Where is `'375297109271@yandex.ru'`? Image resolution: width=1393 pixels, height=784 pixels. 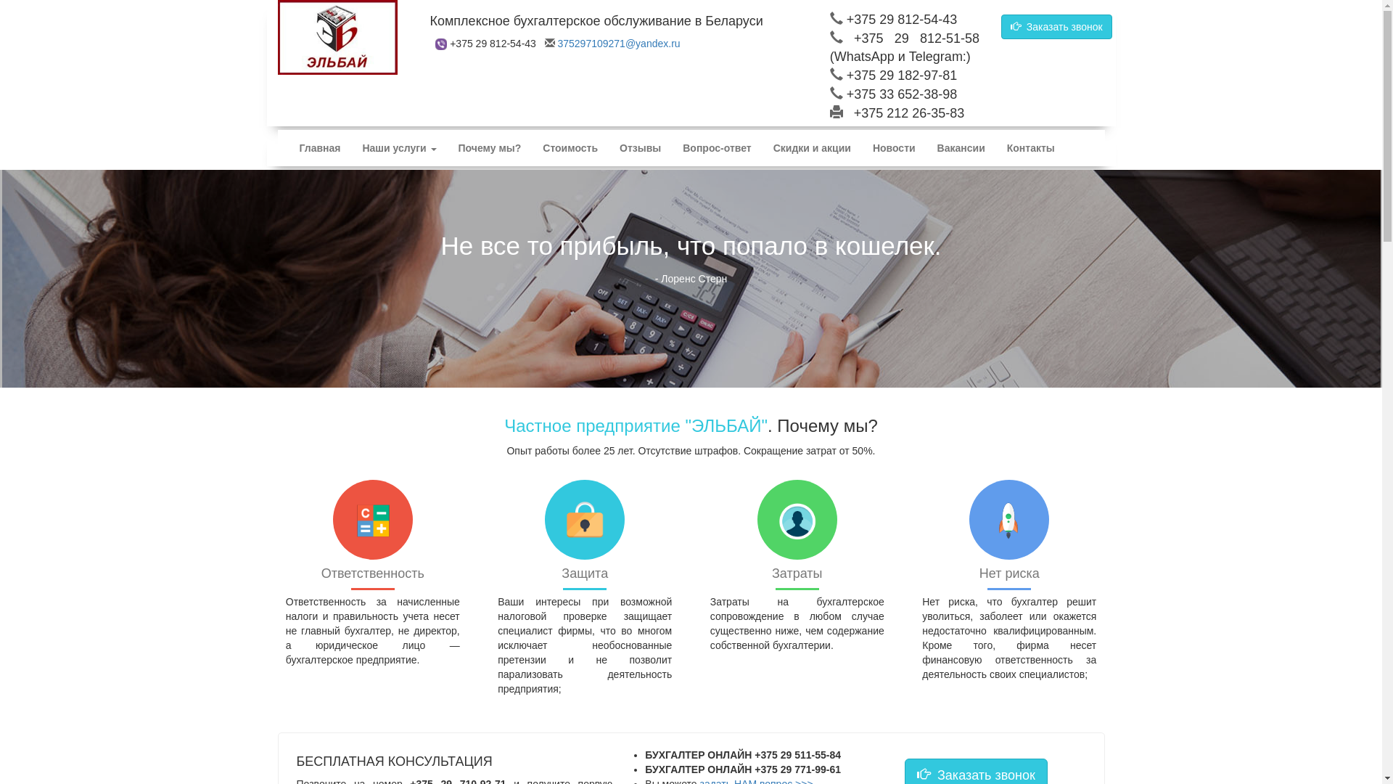 '375297109271@yandex.ru' is located at coordinates (556, 43).